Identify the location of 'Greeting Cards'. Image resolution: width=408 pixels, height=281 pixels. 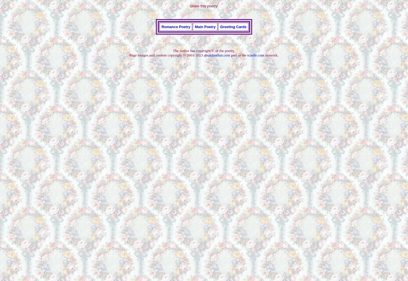
(233, 26).